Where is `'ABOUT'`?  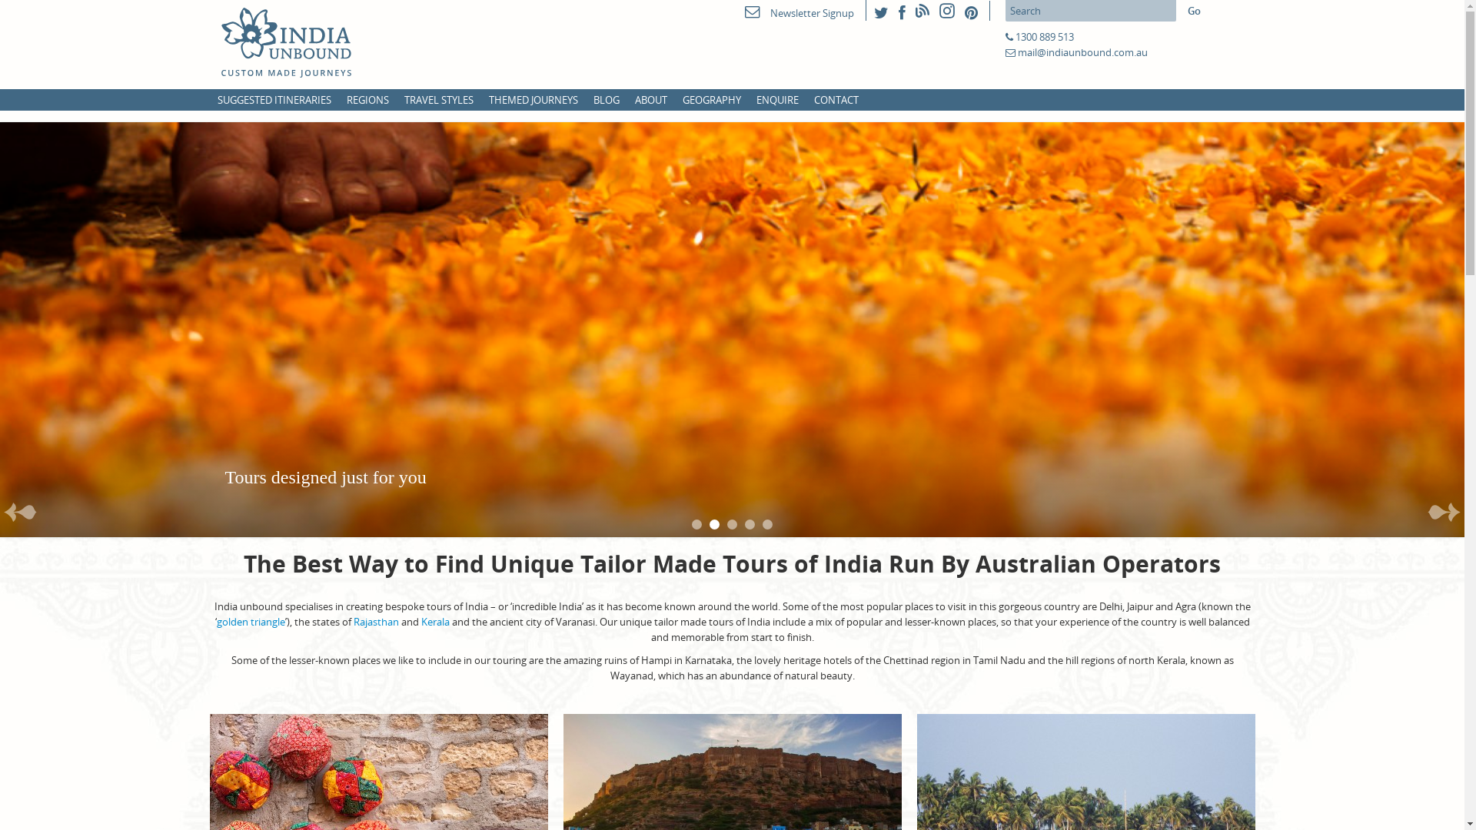 'ABOUT' is located at coordinates (634, 100).